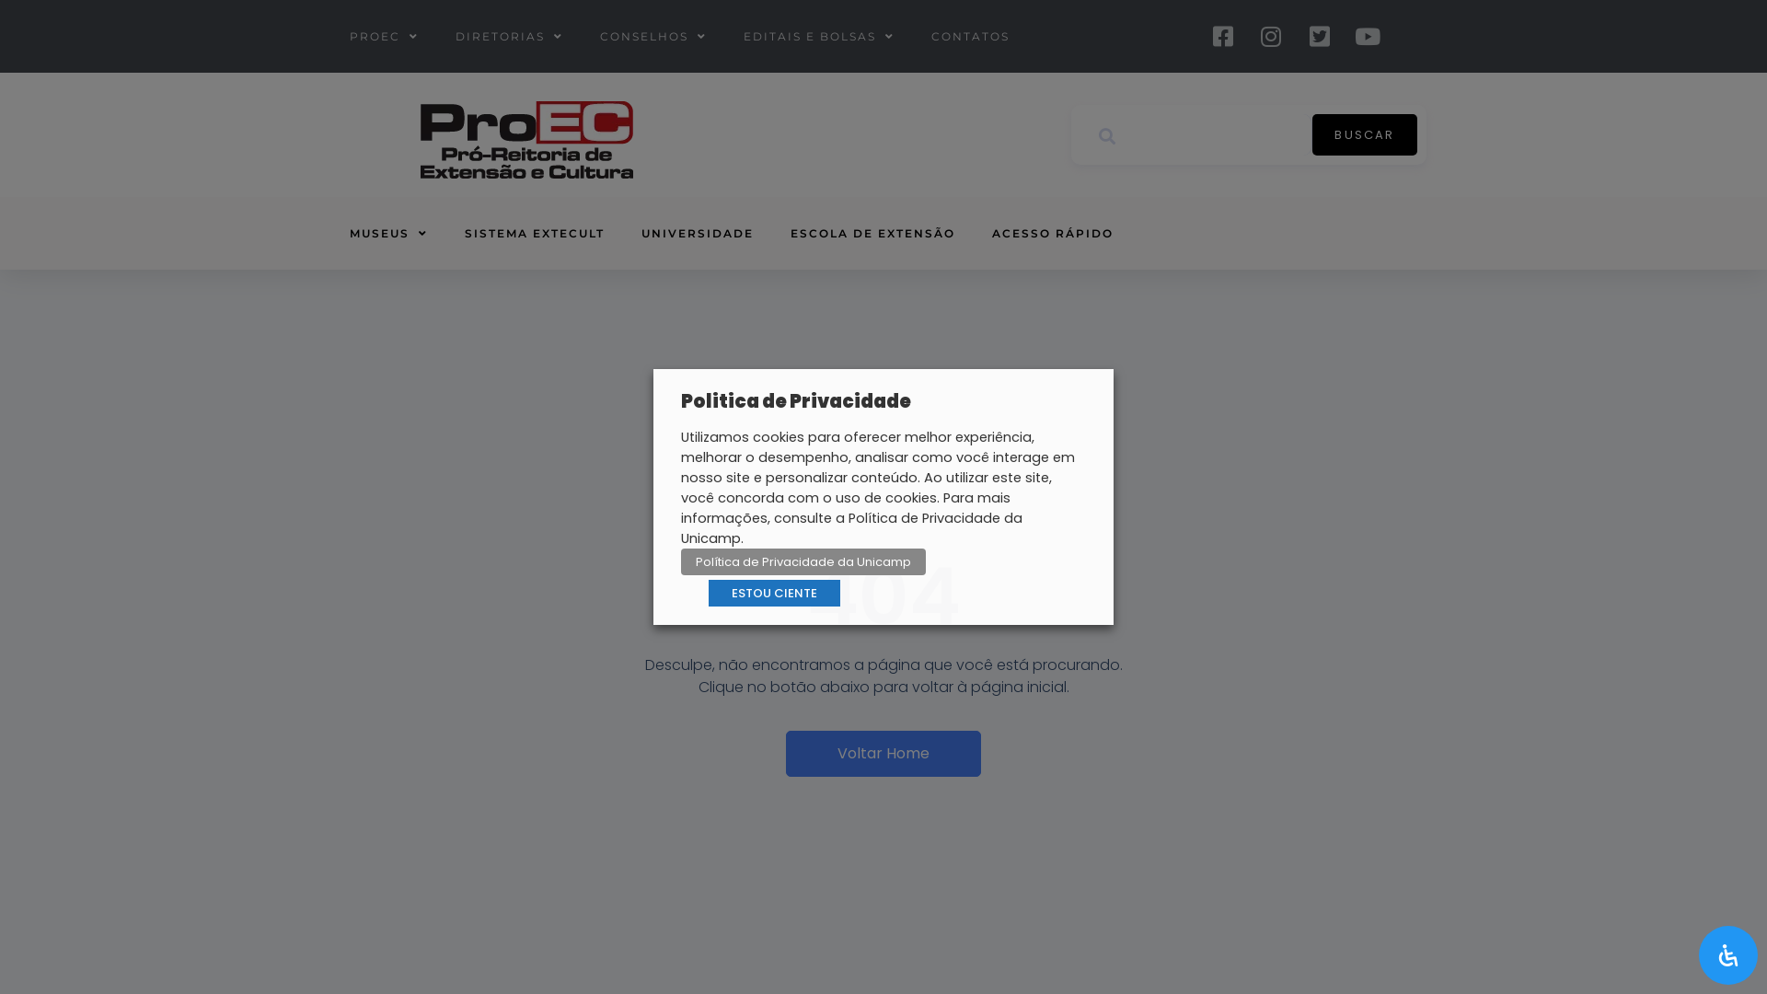  I want to click on 'EDITAIS E BOLSAS', so click(817, 36).